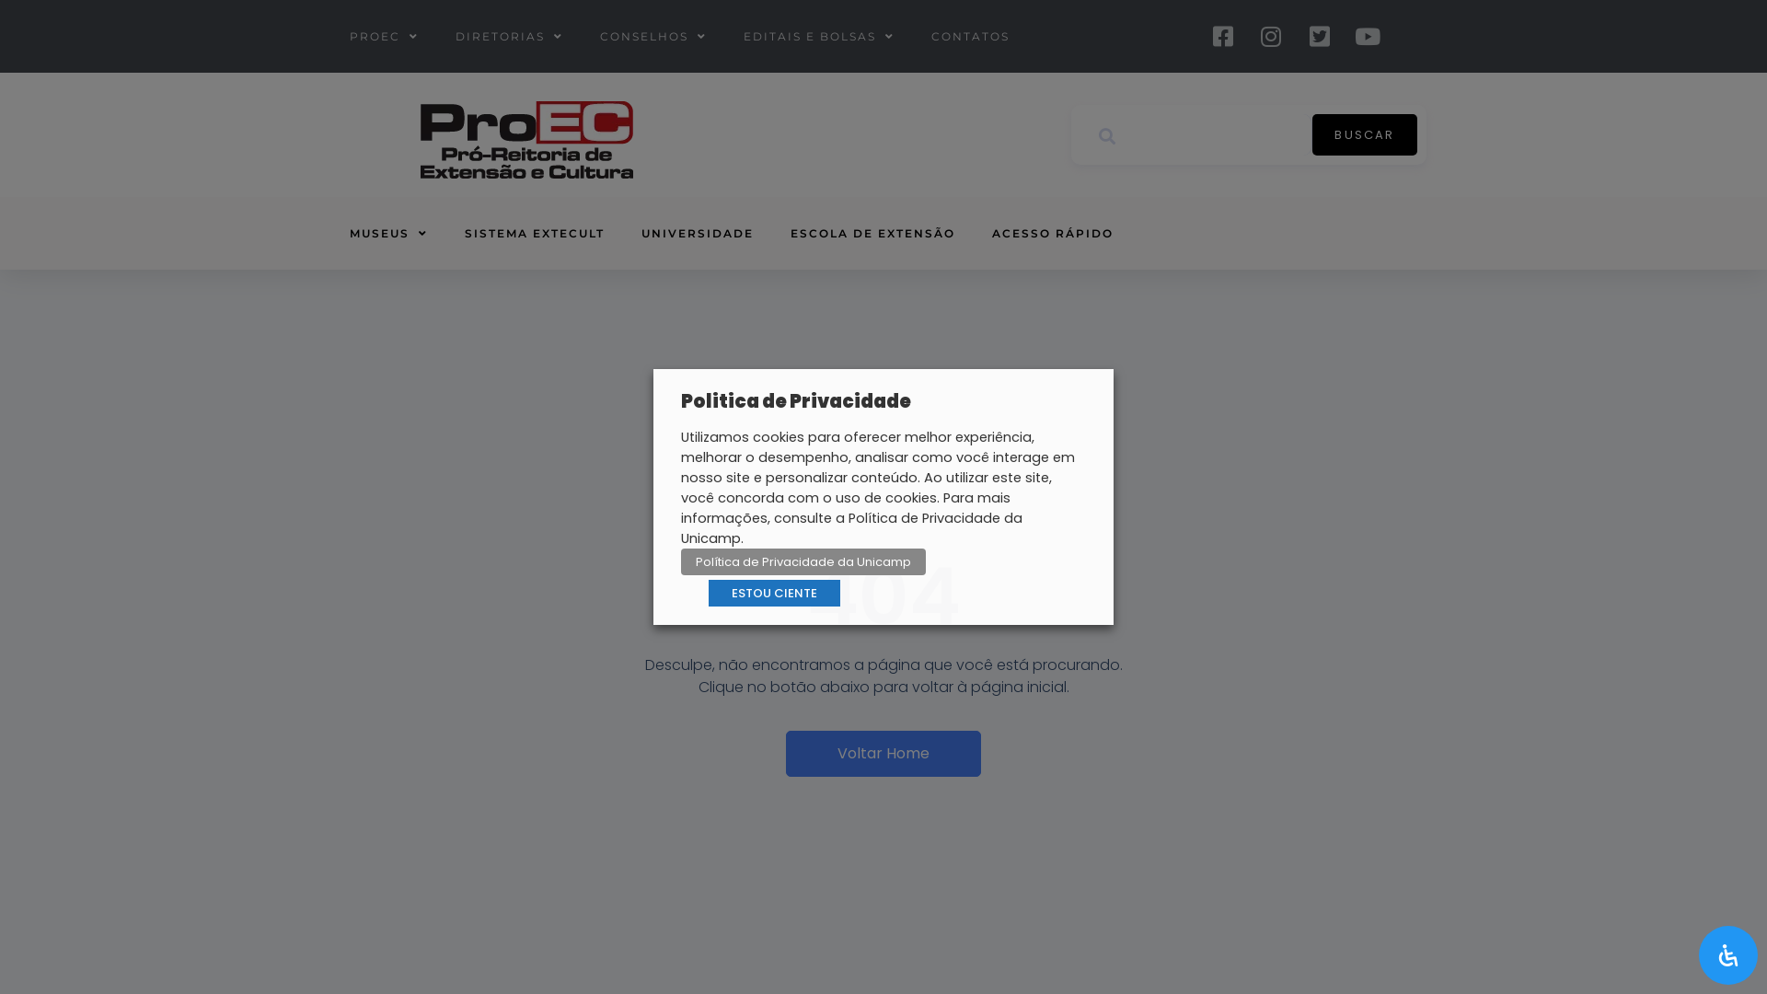  I want to click on 'EDITAIS E BOLSAS', so click(817, 36).